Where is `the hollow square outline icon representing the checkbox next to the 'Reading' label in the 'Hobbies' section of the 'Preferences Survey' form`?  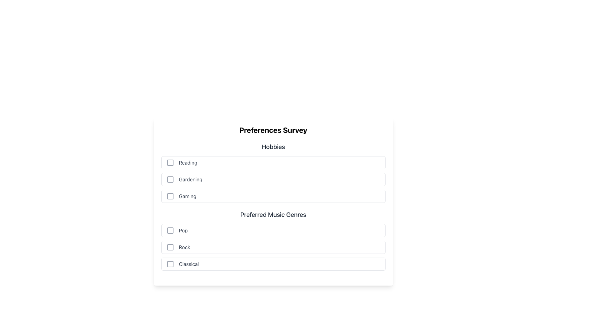 the hollow square outline icon representing the checkbox next to the 'Reading' label in the 'Hobbies' section of the 'Preferences Survey' form is located at coordinates (170, 162).